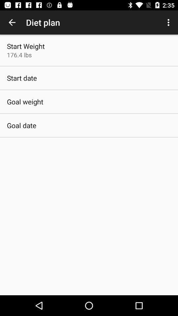  Describe the element at coordinates (19, 54) in the screenshot. I see `the 176.4 lbs` at that location.